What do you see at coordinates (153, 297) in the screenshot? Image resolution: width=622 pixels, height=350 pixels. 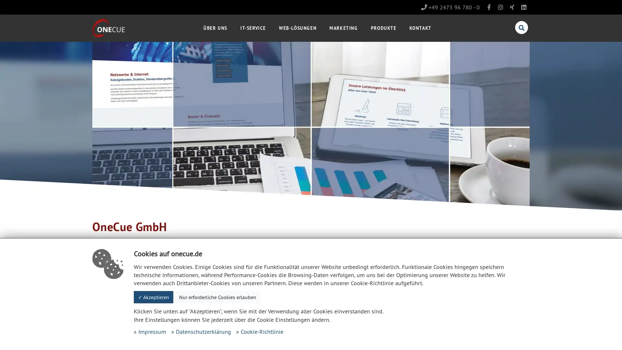 I see `Akzeptieren` at bounding box center [153, 297].